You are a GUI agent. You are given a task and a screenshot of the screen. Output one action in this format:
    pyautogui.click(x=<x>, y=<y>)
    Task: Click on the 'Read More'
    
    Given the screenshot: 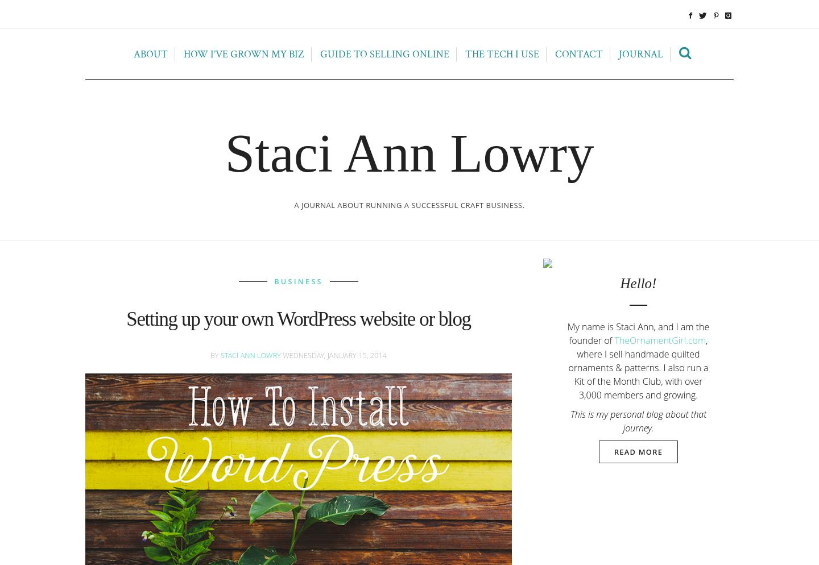 What is the action you would take?
    pyautogui.click(x=638, y=451)
    